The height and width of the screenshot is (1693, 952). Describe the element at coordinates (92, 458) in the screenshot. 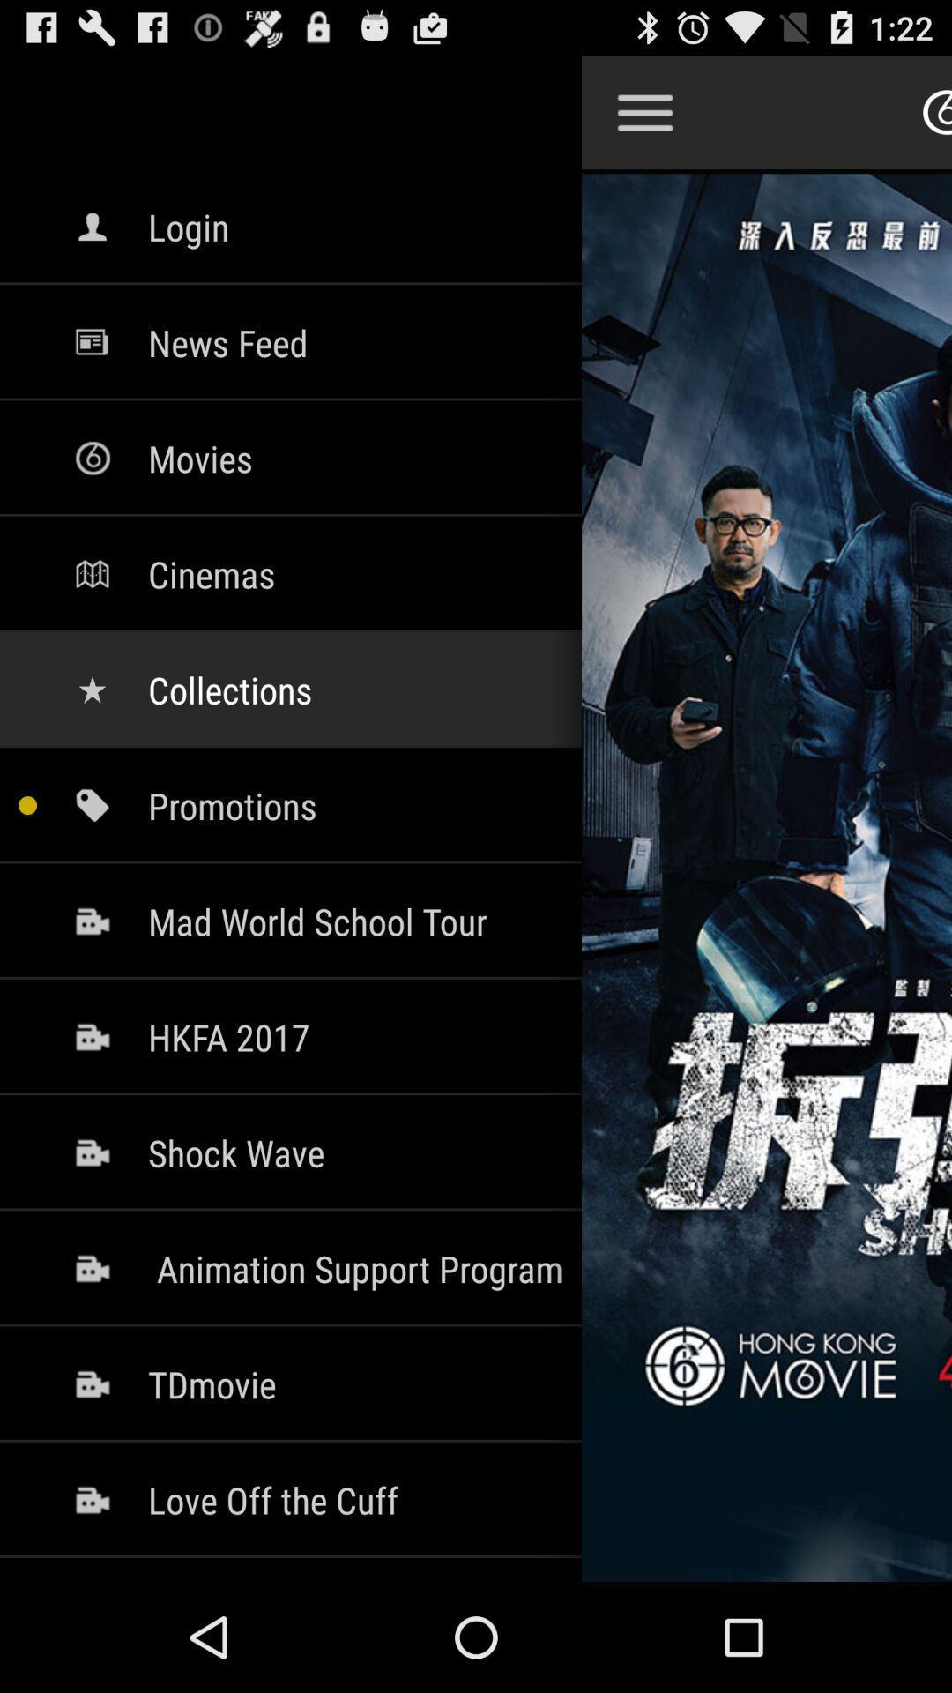

I see `the icon which is left to the  movies` at that location.